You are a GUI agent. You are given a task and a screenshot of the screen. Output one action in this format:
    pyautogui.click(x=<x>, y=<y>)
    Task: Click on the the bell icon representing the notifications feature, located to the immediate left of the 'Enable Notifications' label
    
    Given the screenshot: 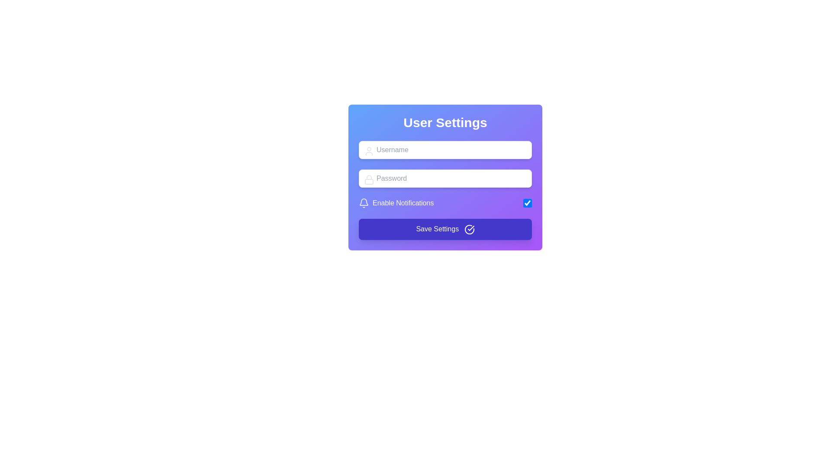 What is the action you would take?
    pyautogui.click(x=364, y=203)
    